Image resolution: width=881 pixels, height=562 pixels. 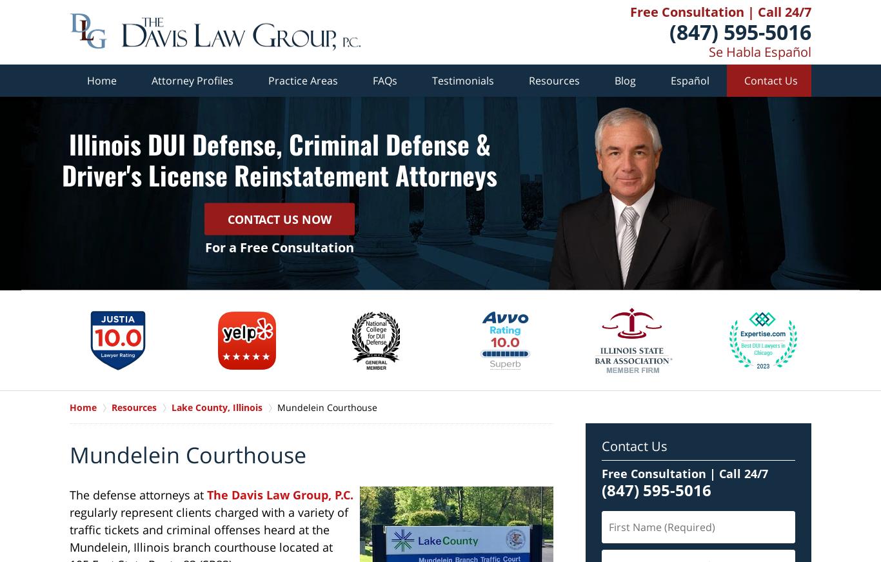 What do you see at coordinates (151, 79) in the screenshot?
I see `'Attorney Profiles'` at bounding box center [151, 79].